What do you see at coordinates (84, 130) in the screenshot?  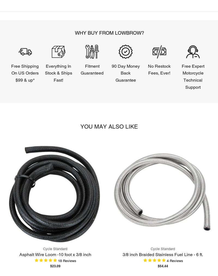 I see `'Powered by Birdeye'` at bounding box center [84, 130].